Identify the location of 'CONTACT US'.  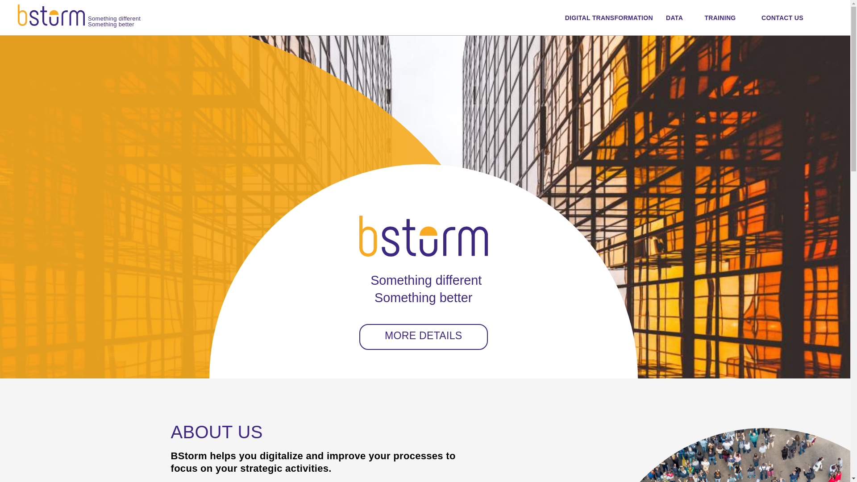
(778, 17).